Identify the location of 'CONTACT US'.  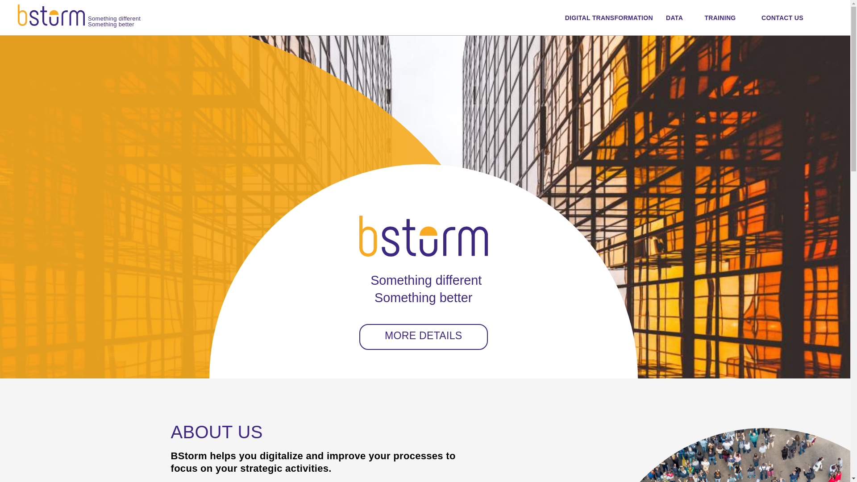
(778, 17).